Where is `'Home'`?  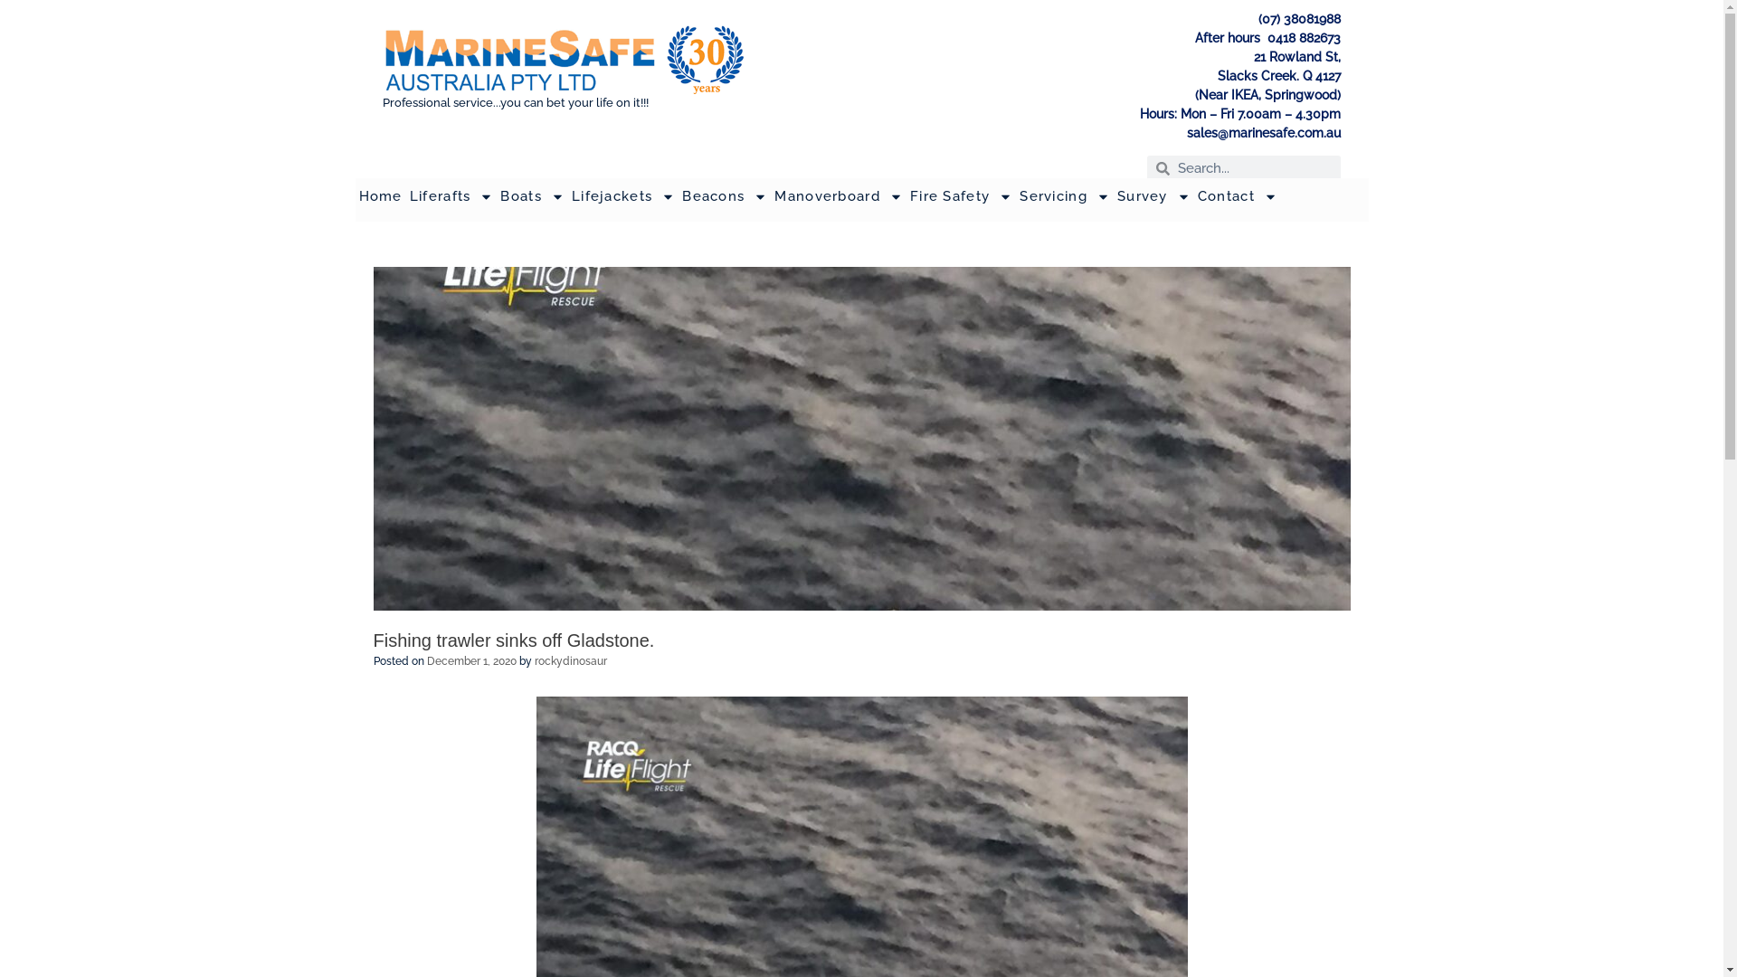 'Home' is located at coordinates (379, 196).